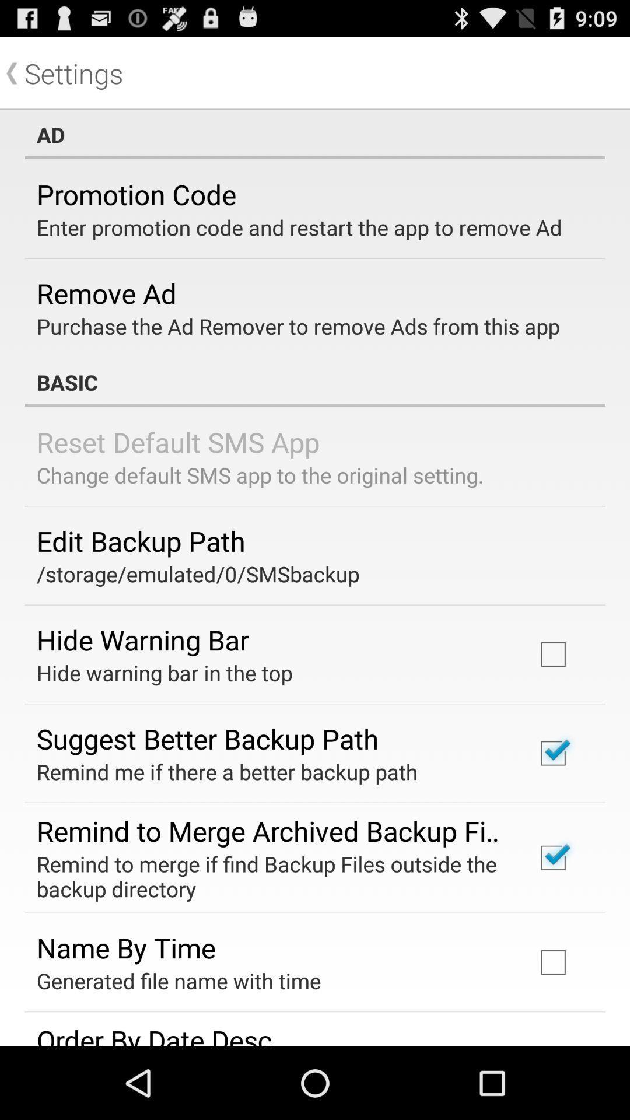 The image size is (630, 1120). I want to click on the check box that is to the right of hide warning bar, so click(552, 654).